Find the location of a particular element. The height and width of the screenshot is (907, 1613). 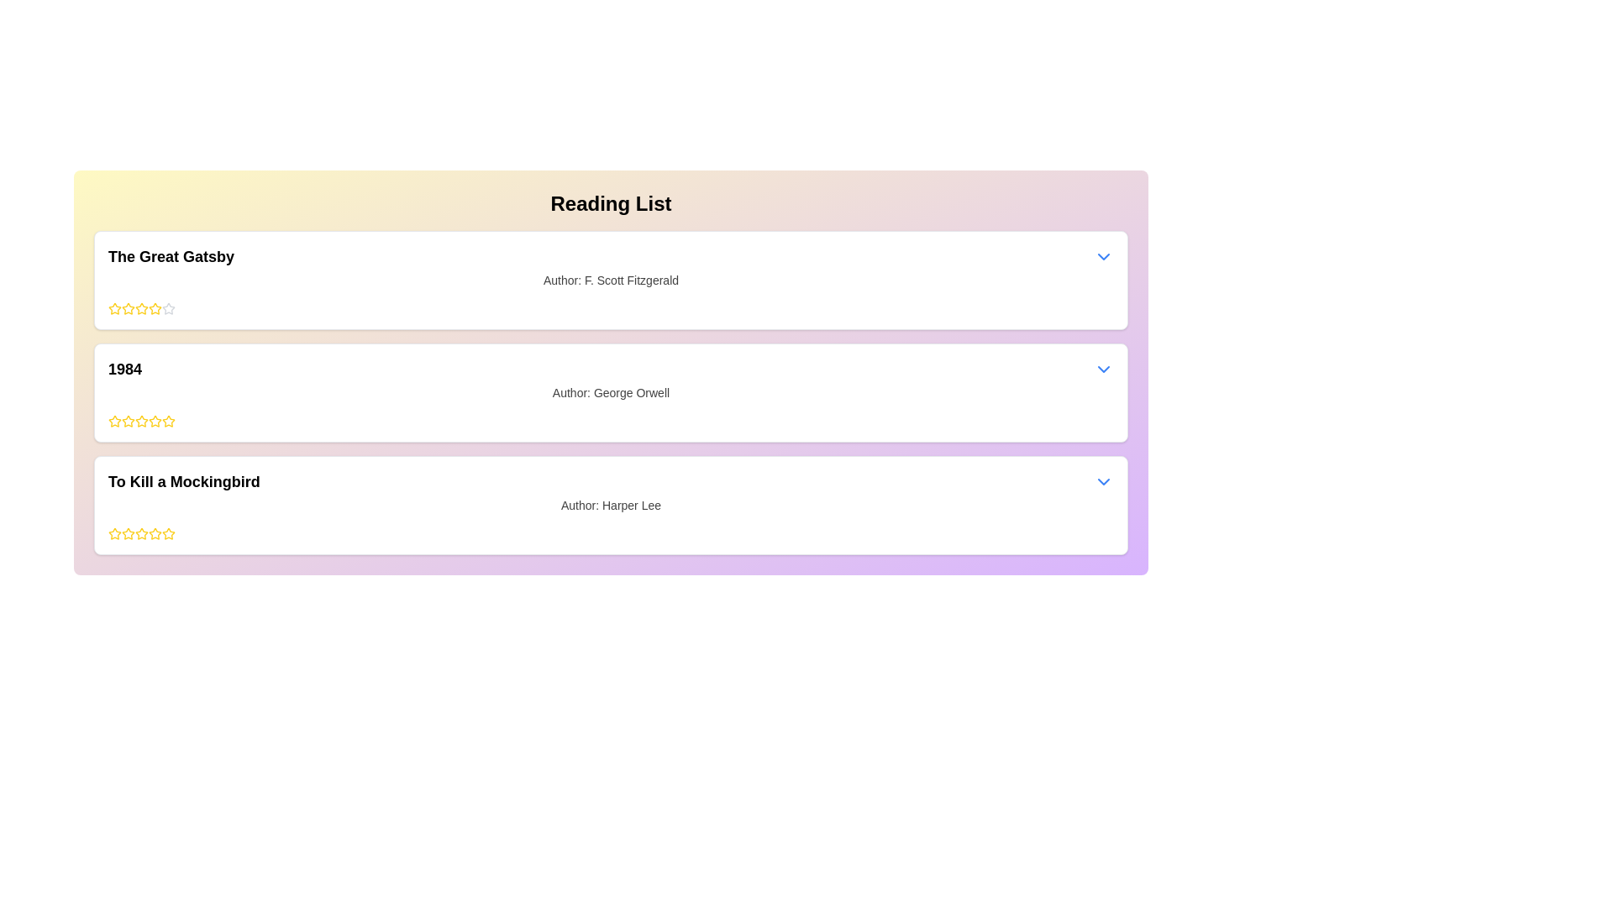

the star-shaped icon with a yellow outline under the heading '1984' in the 'Reading List' to rate it is located at coordinates (128, 420).